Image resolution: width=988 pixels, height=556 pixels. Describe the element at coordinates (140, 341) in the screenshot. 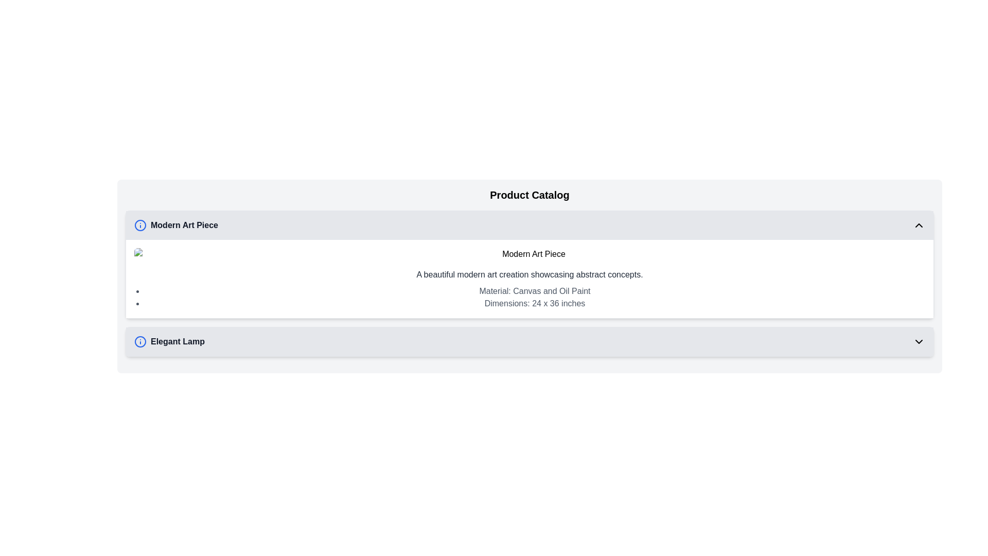

I see `the informational icon located to the left of the text 'Elegant Lamp' for accessibility utilities` at that location.